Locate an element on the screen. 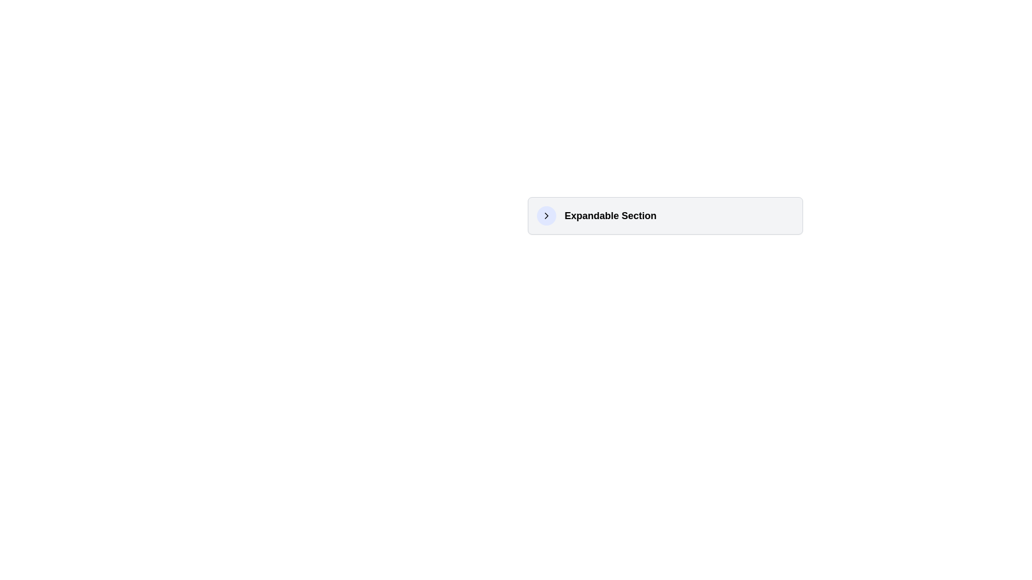 The height and width of the screenshot is (580, 1032). the 'Expandable Section' text label is located at coordinates (611, 215).